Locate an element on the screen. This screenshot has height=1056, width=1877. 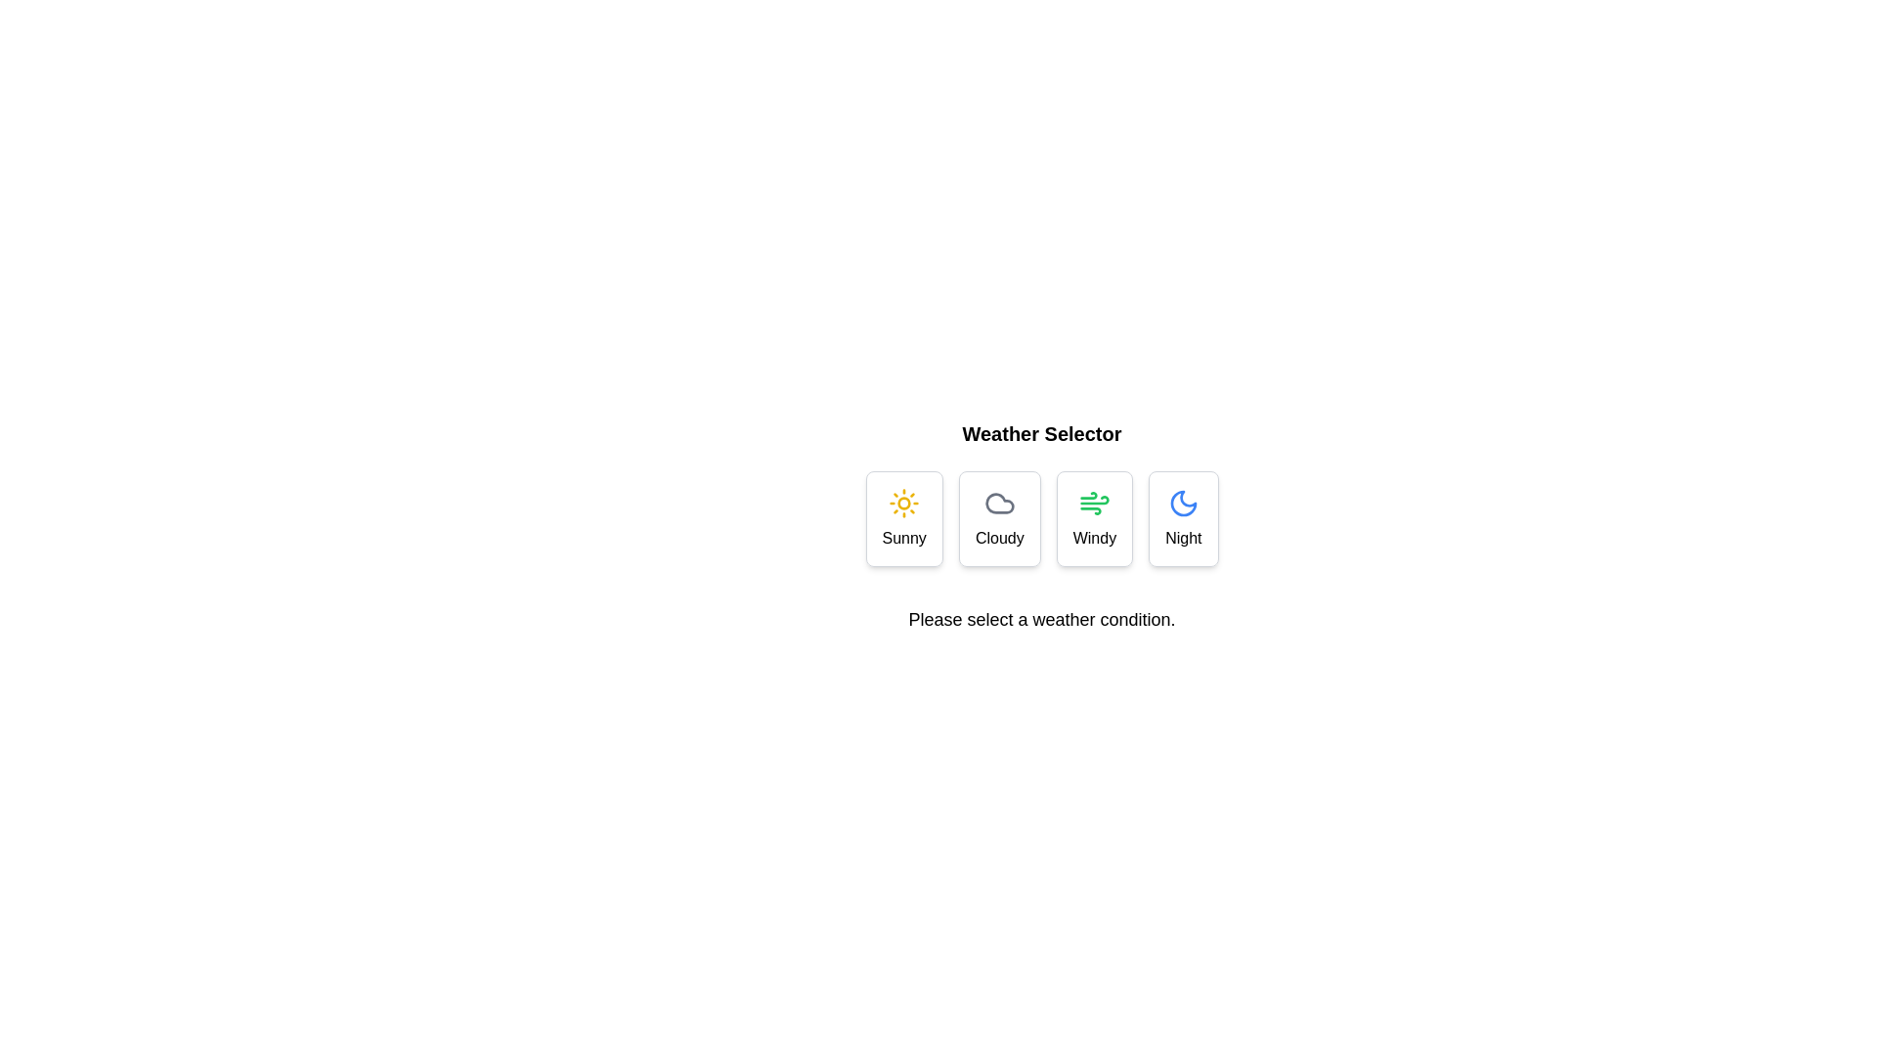
the Text Label indicating nighttime weather condition, located below the crescent moon icon in the fourth card of the weather selector interface is located at coordinates (1182, 539).